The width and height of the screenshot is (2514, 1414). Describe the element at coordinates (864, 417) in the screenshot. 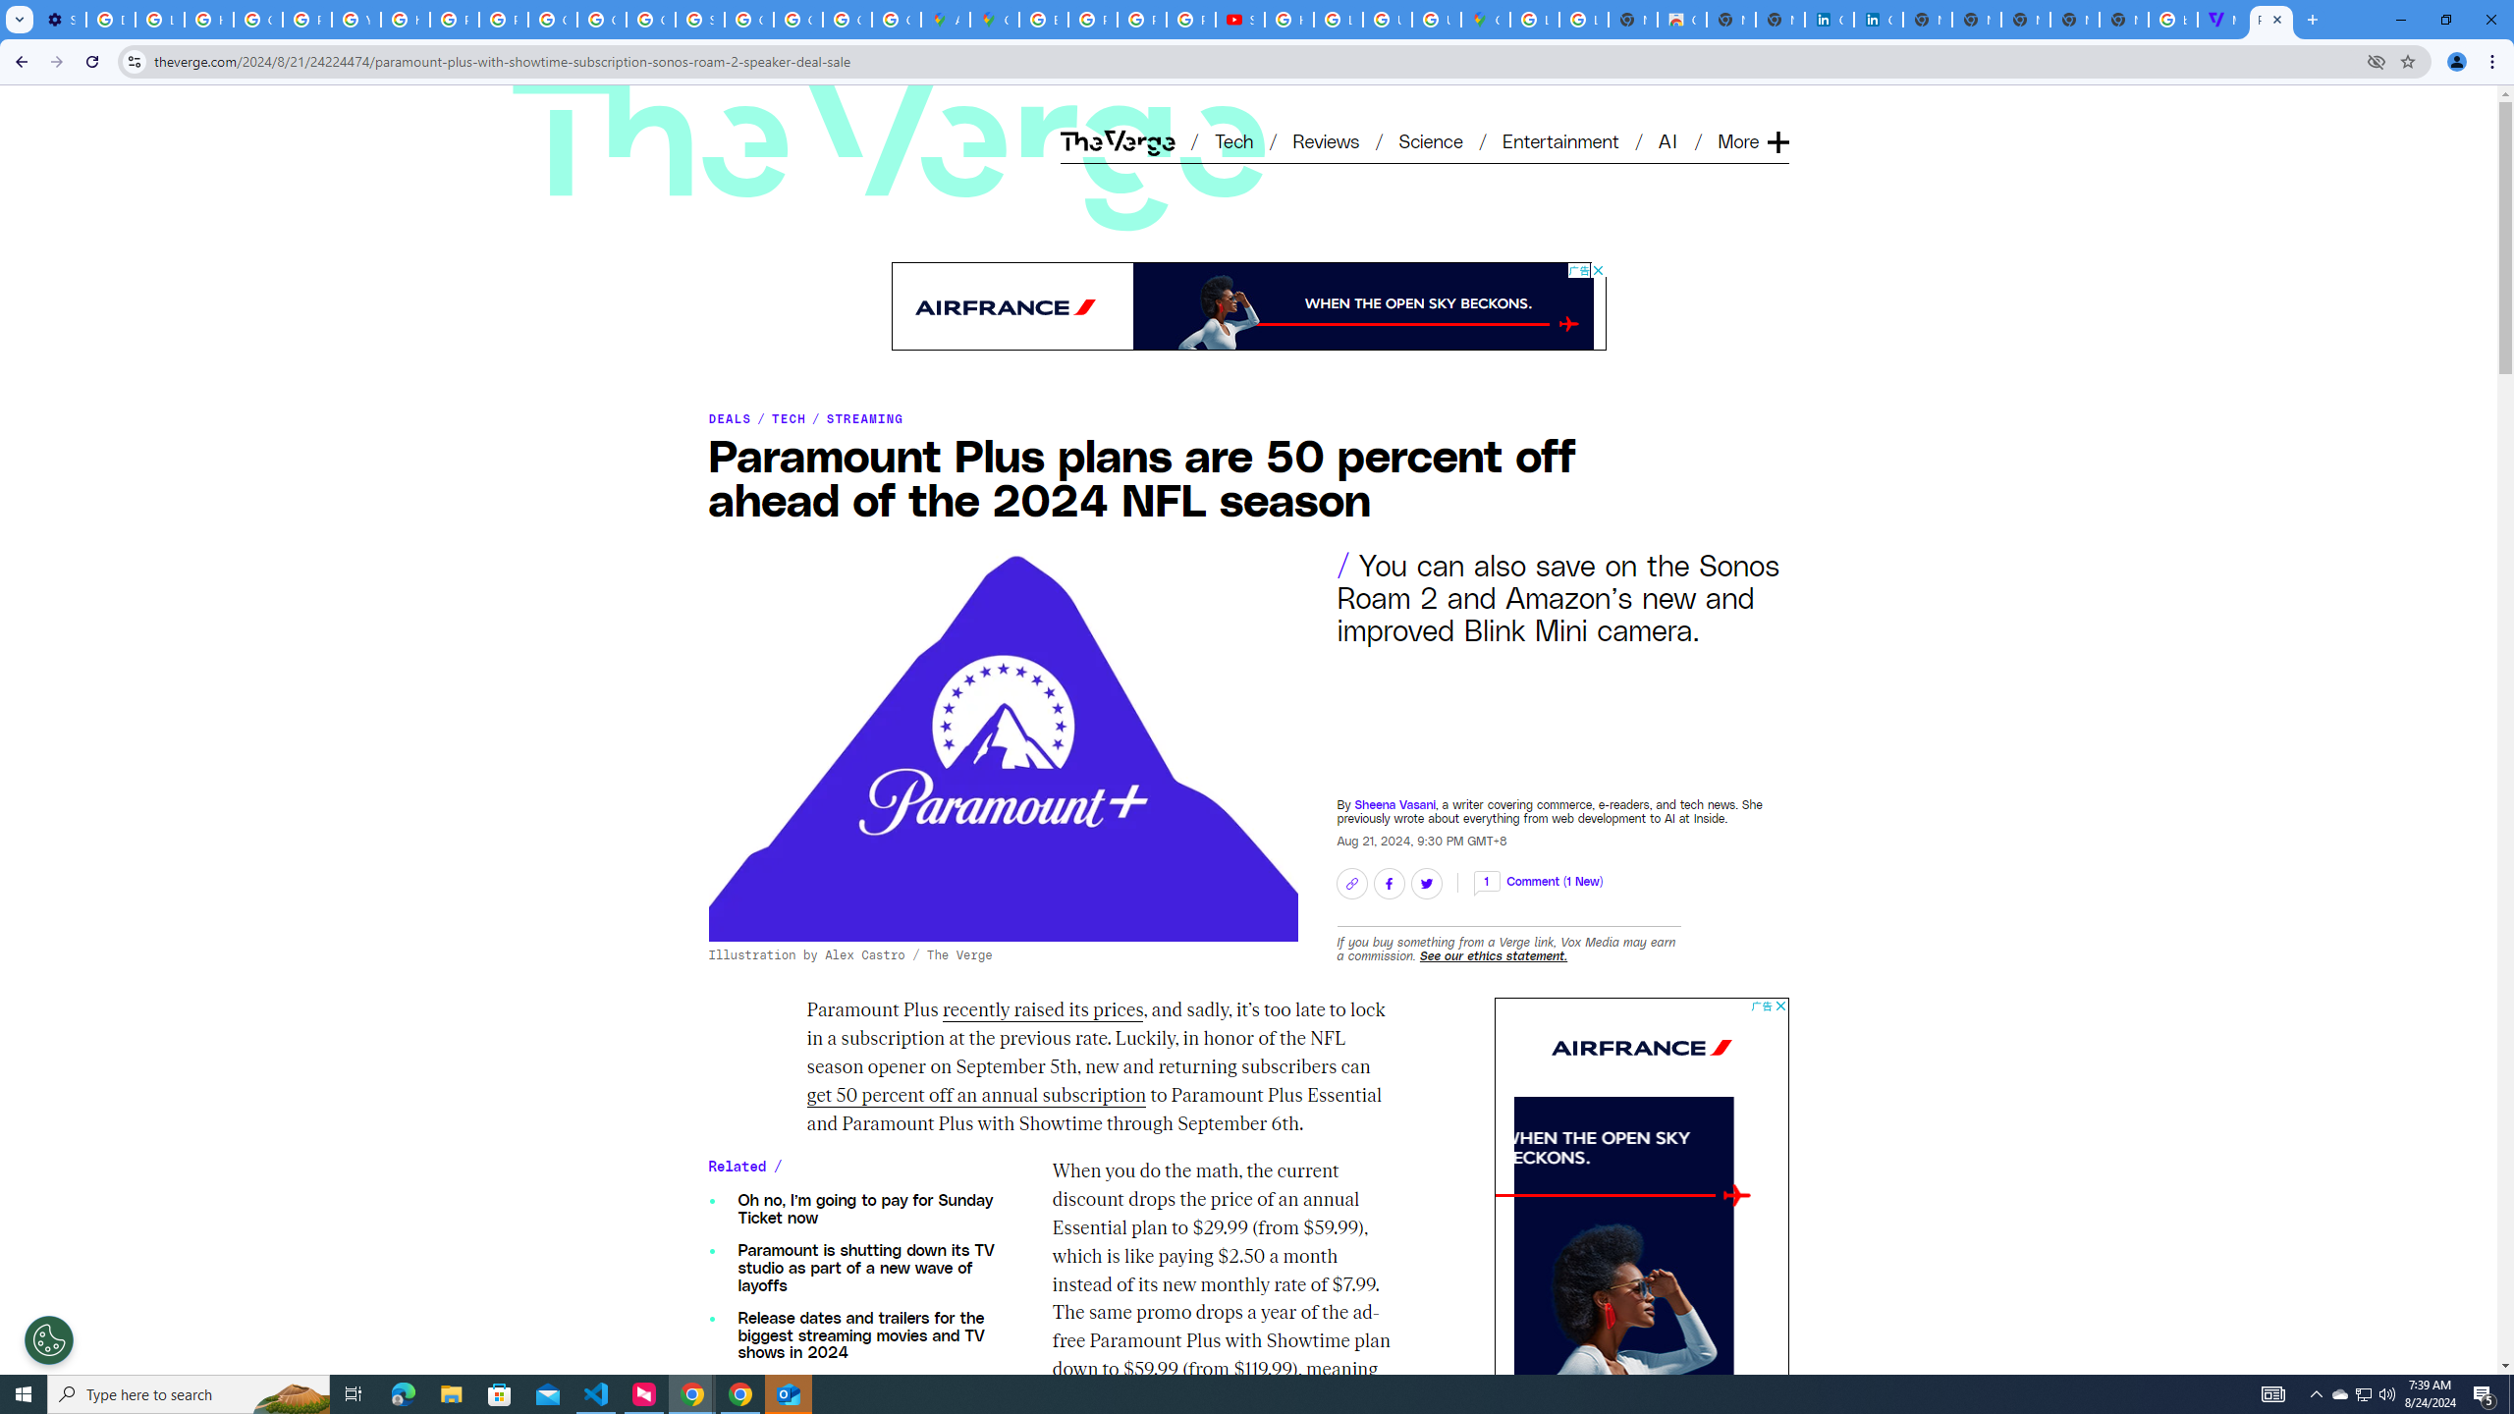

I see `'STREAMING'` at that location.